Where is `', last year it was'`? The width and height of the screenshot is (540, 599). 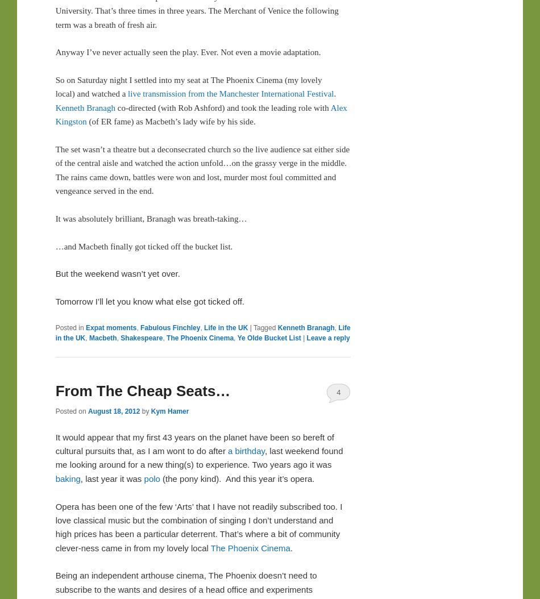 ', last year it was' is located at coordinates (111, 477).